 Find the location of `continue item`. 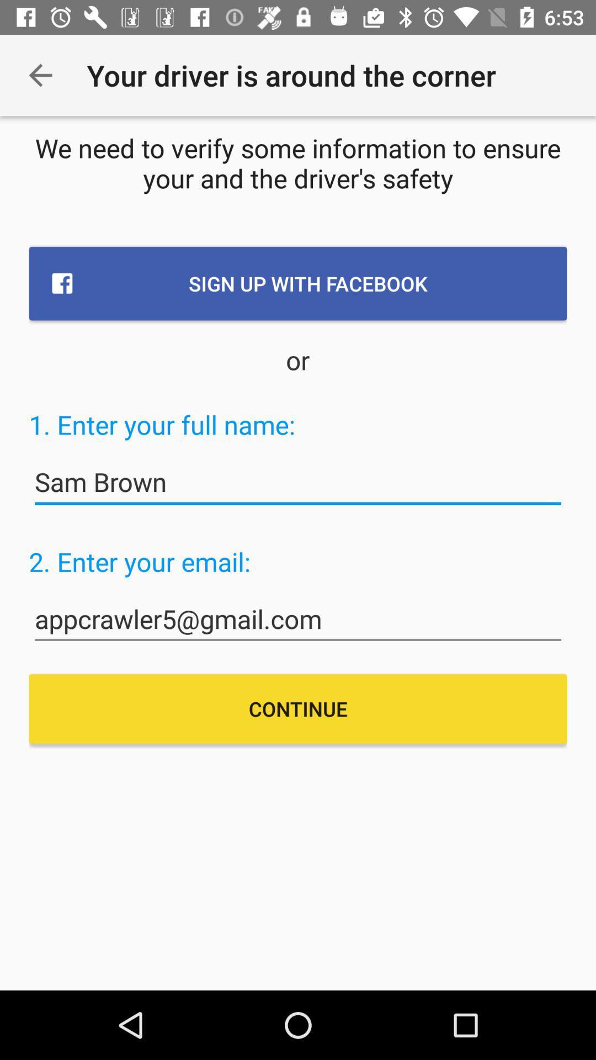

continue item is located at coordinates (298, 709).